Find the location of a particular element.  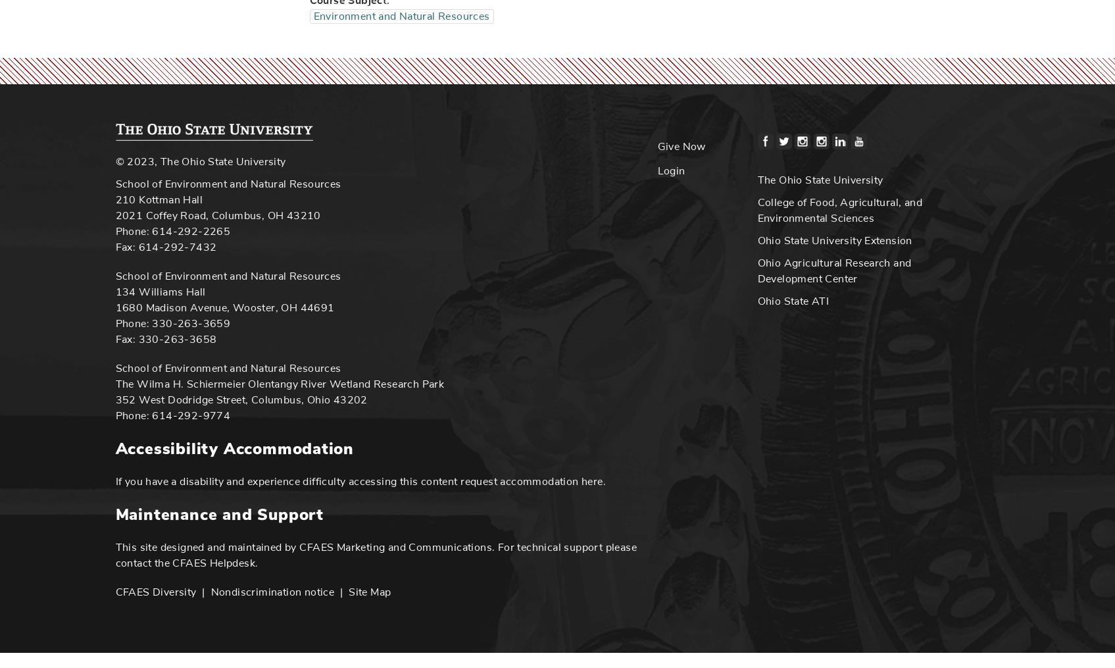

'College of Food, Agricultural, and Environmental Sciences' is located at coordinates (756, 209).